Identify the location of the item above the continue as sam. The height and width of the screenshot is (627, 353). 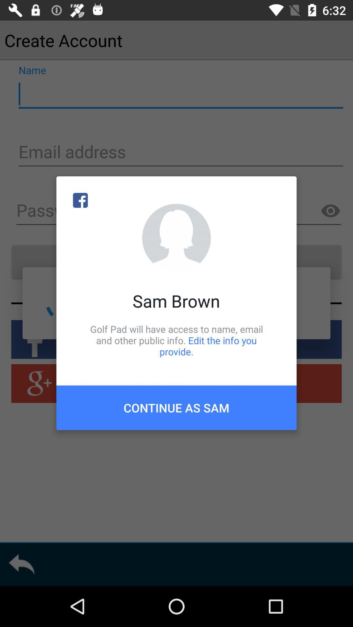
(176, 340).